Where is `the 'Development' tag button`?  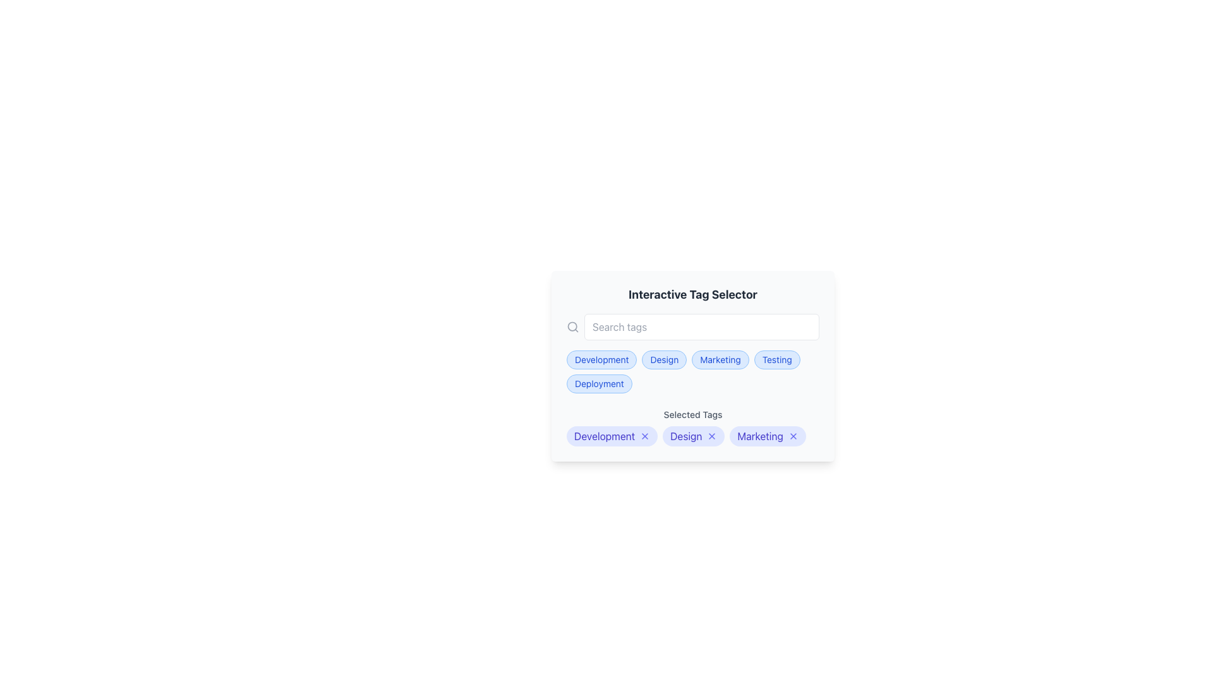
the 'Development' tag button is located at coordinates (601, 360).